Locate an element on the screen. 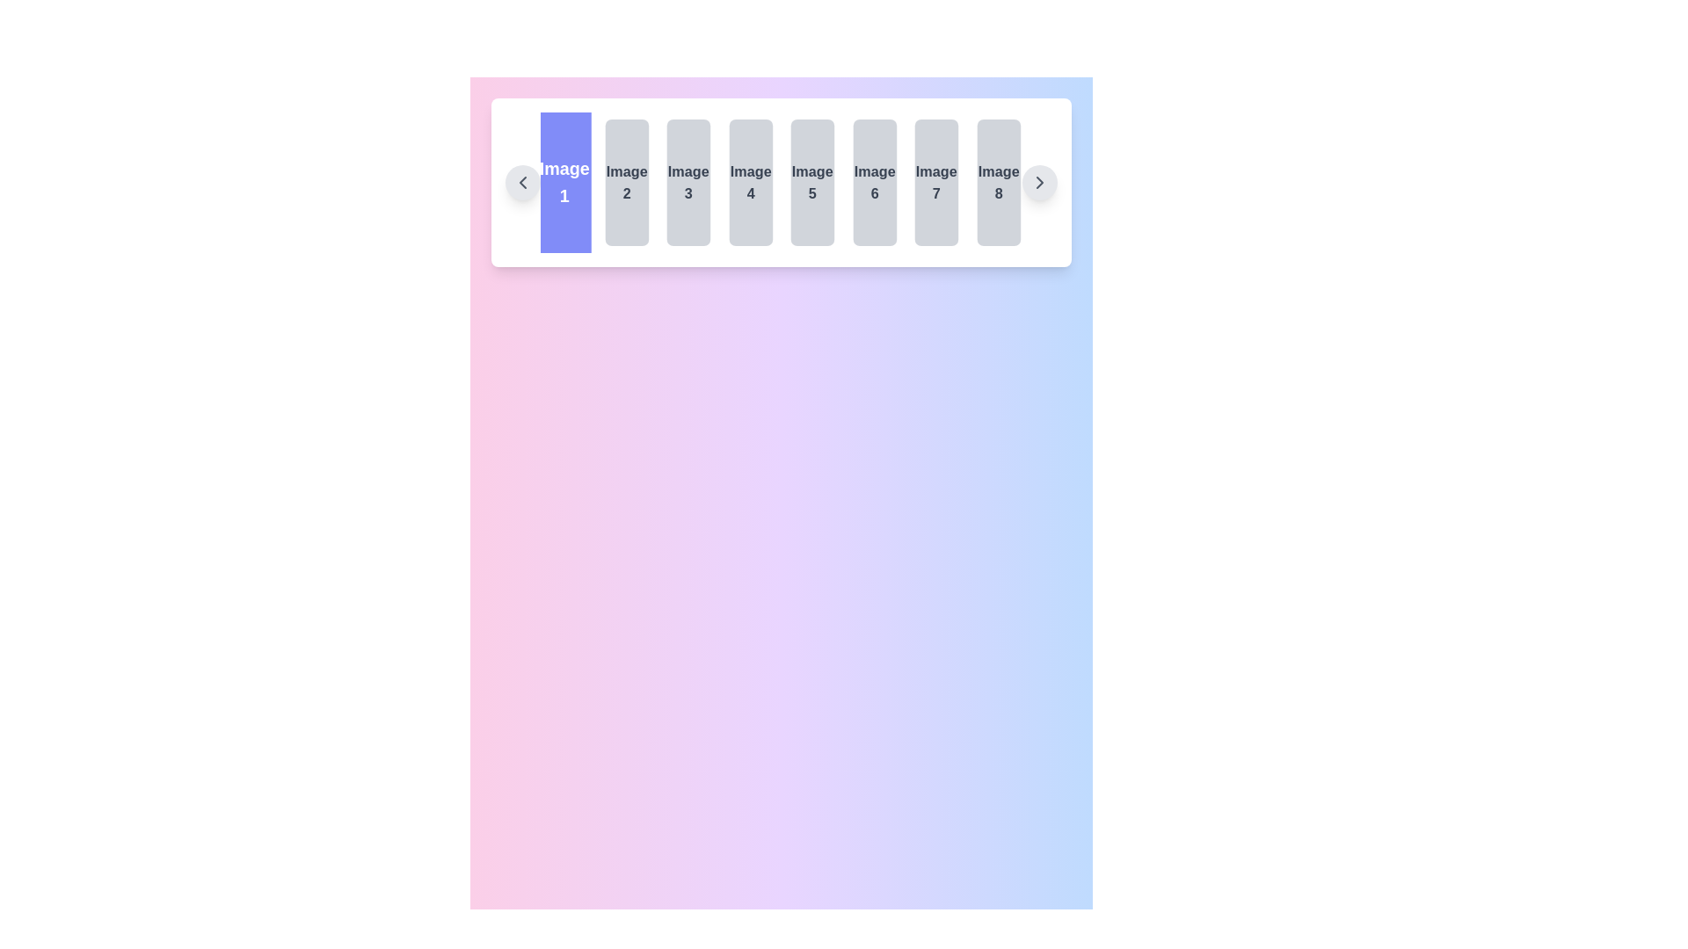  the left navigation button in the carousel is located at coordinates (522, 183).